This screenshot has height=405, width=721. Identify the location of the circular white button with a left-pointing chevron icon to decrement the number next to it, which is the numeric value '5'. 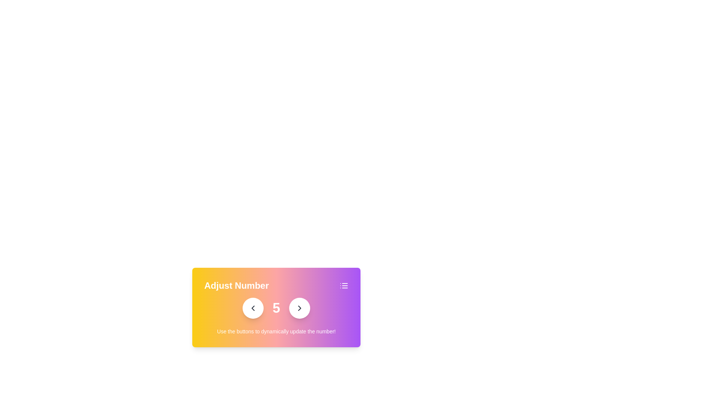
(253, 308).